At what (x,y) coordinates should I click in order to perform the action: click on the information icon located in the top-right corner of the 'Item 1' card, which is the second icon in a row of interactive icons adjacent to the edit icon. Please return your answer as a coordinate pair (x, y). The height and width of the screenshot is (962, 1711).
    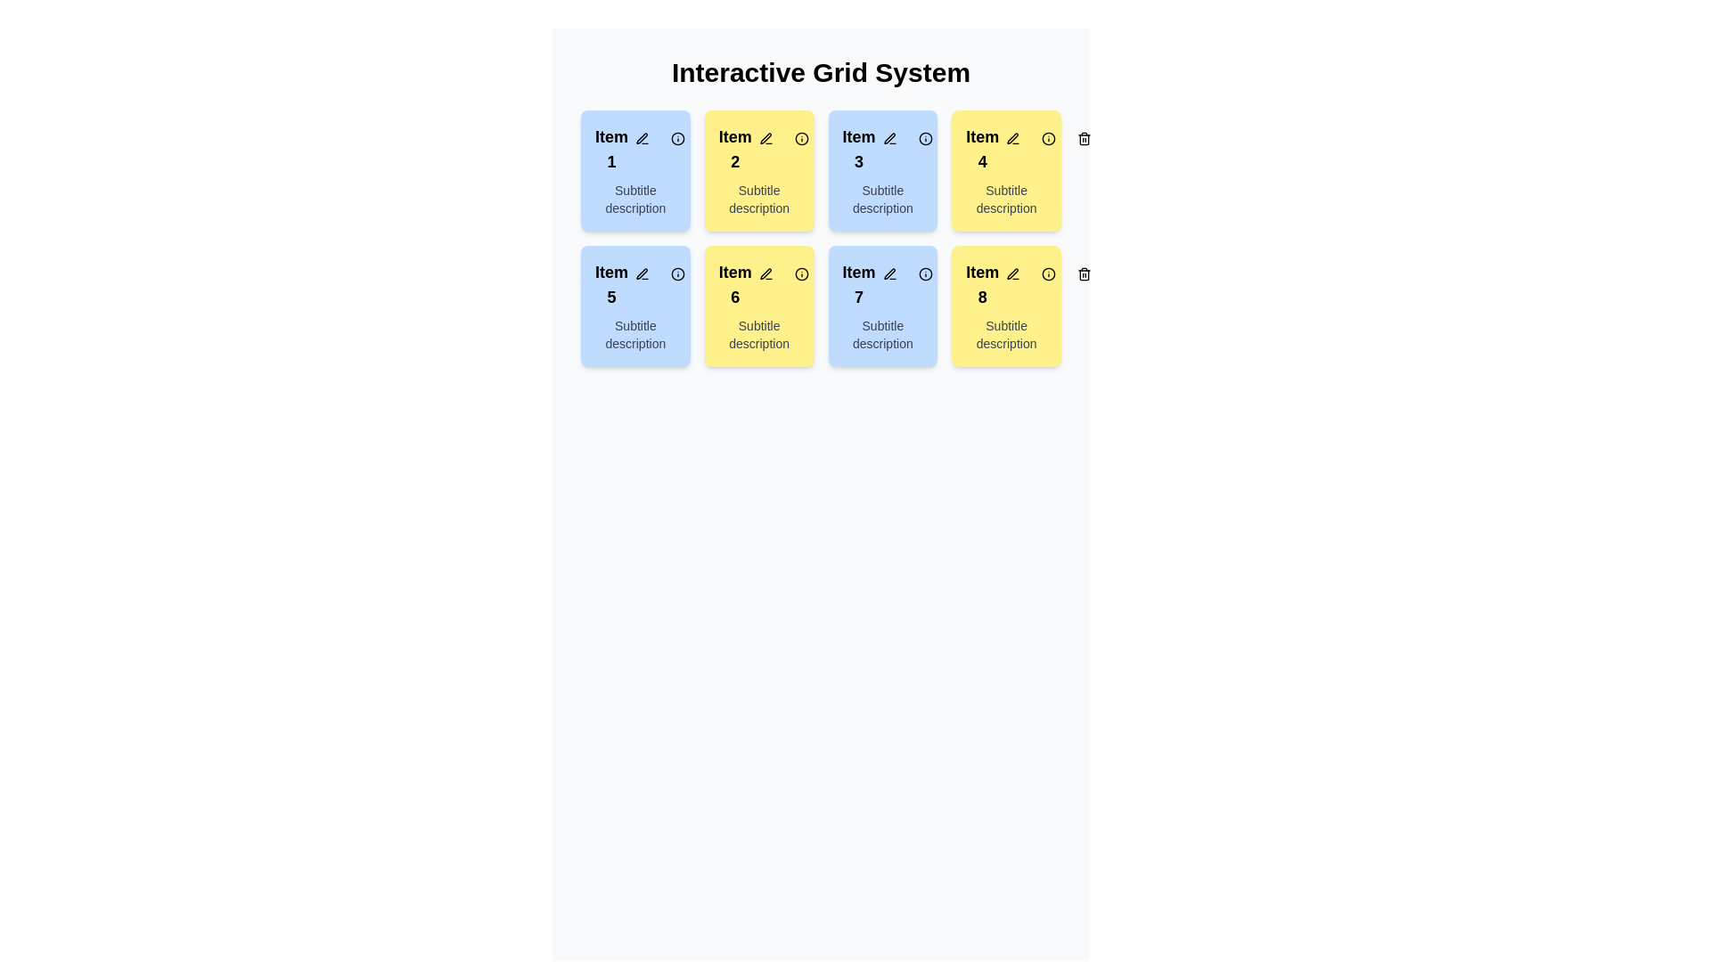
    Looking at the image, I should click on (677, 137).